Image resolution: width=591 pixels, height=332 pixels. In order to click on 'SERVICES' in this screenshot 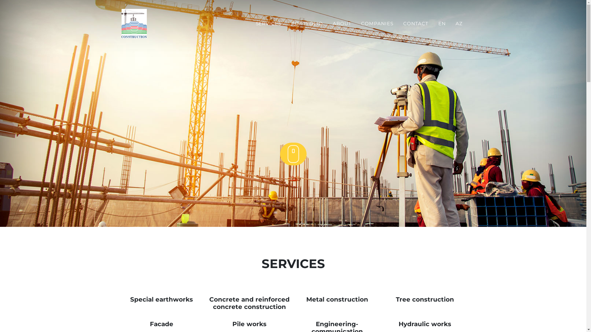, I will do `click(269, 23)`.